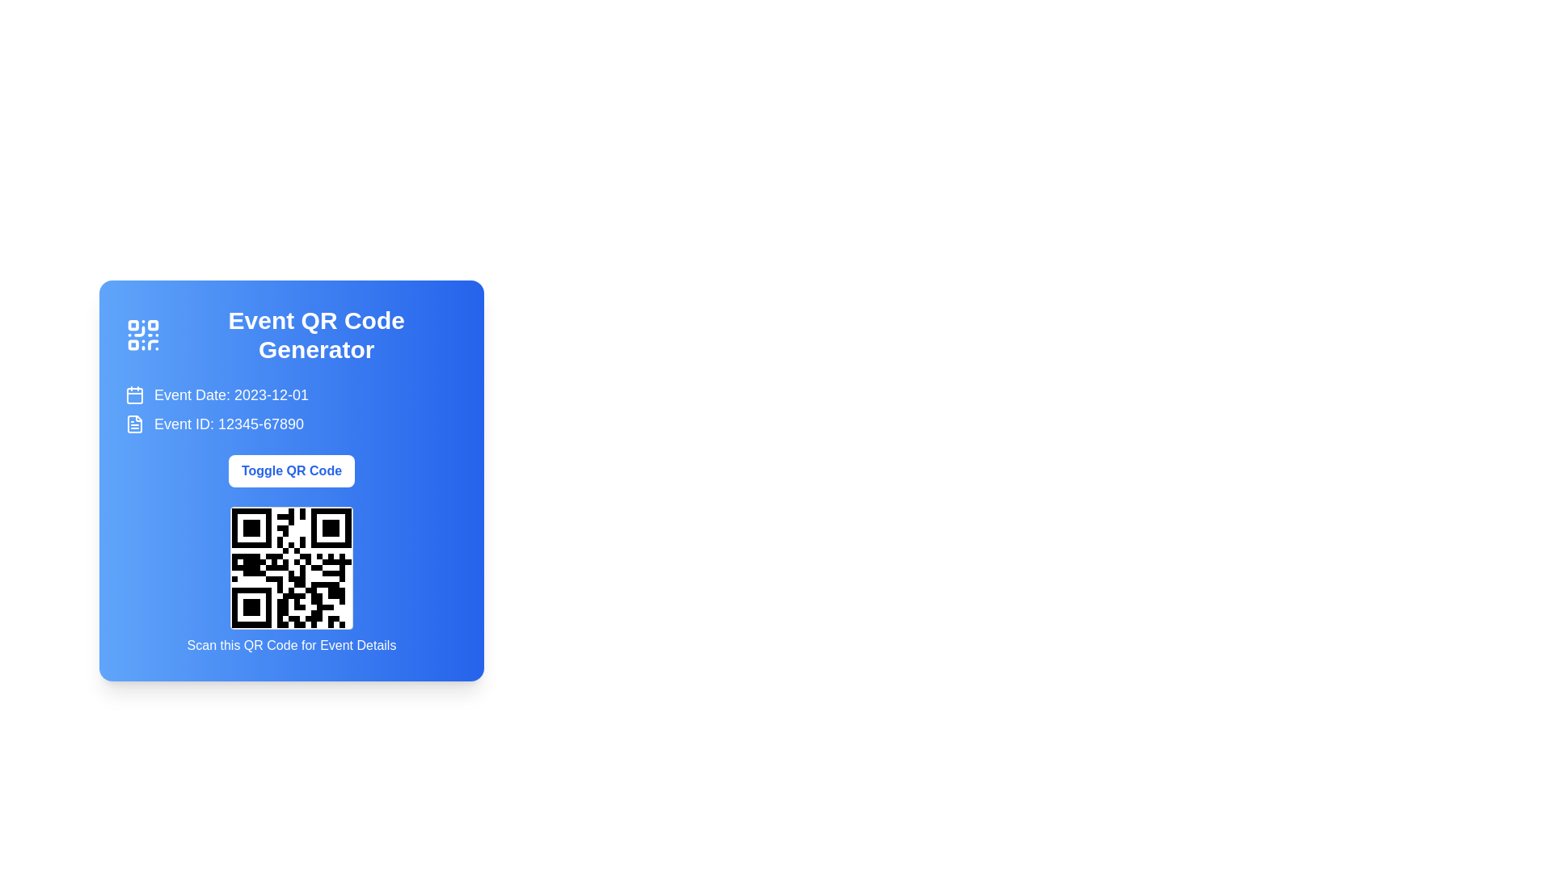  What do you see at coordinates (135, 395) in the screenshot?
I see `the SVG graphic icon located to the left of the 'Event Date: 2023-12-01' label to associate it with the adjacent text` at bounding box center [135, 395].